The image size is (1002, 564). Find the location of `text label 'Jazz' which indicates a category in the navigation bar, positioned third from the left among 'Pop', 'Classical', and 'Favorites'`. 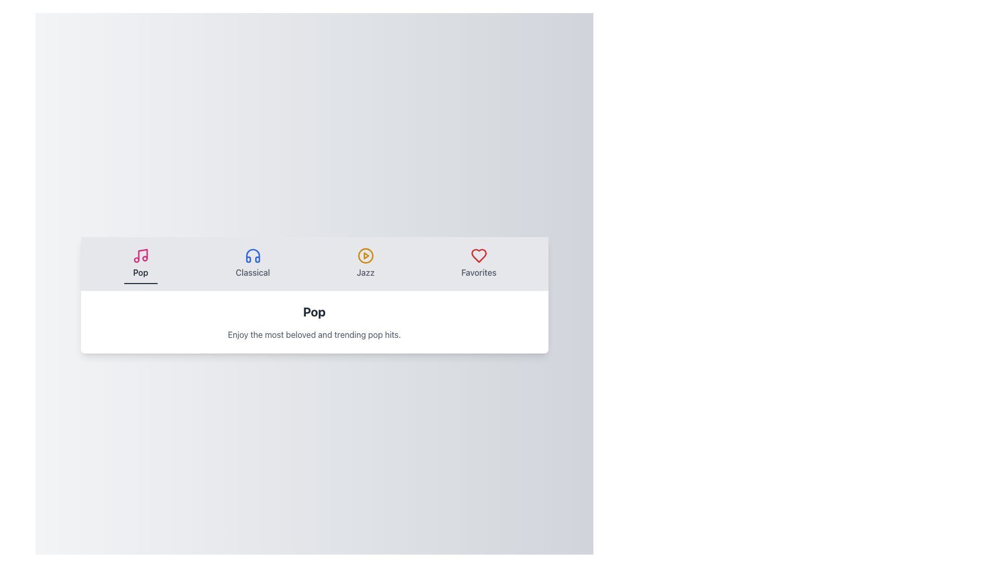

text label 'Jazz' which indicates a category in the navigation bar, positioned third from the left among 'Pop', 'Classical', and 'Favorites' is located at coordinates (365, 272).